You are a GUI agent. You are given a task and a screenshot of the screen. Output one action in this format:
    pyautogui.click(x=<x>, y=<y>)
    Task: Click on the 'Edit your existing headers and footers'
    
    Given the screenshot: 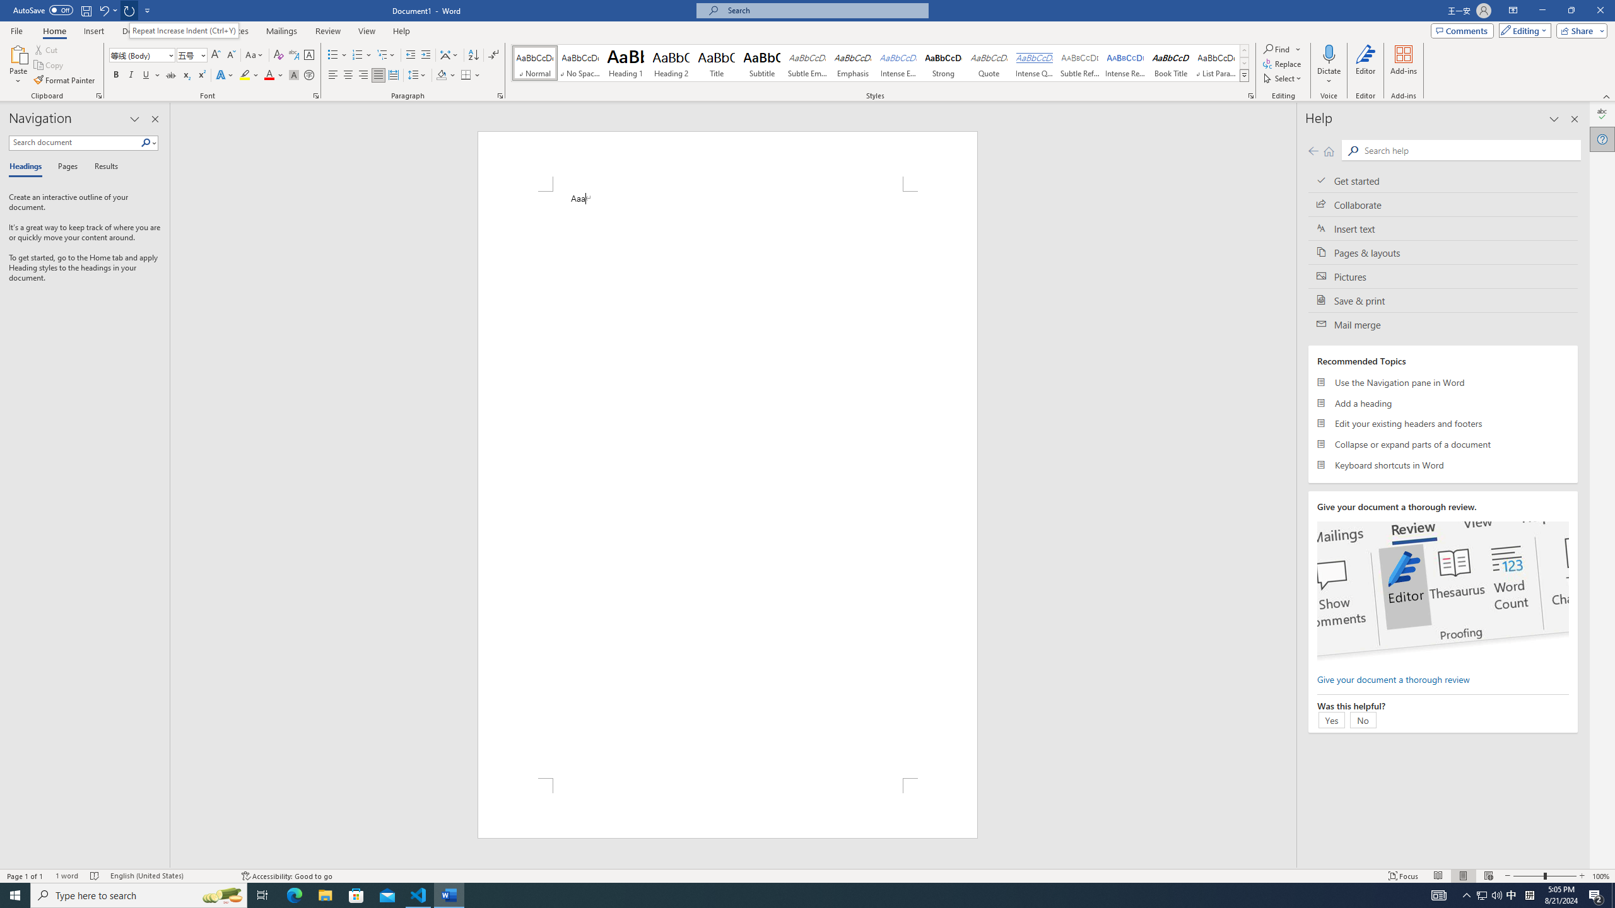 What is the action you would take?
    pyautogui.click(x=1442, y=422)
    